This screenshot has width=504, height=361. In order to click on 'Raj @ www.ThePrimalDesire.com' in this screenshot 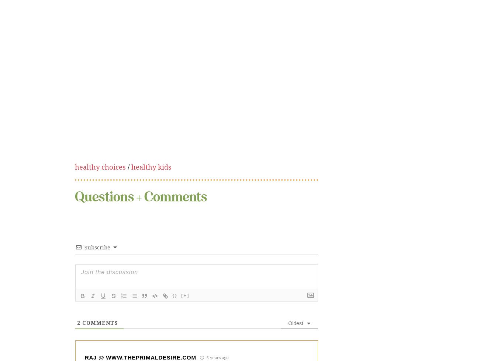, I will do `click(140, 296)`.